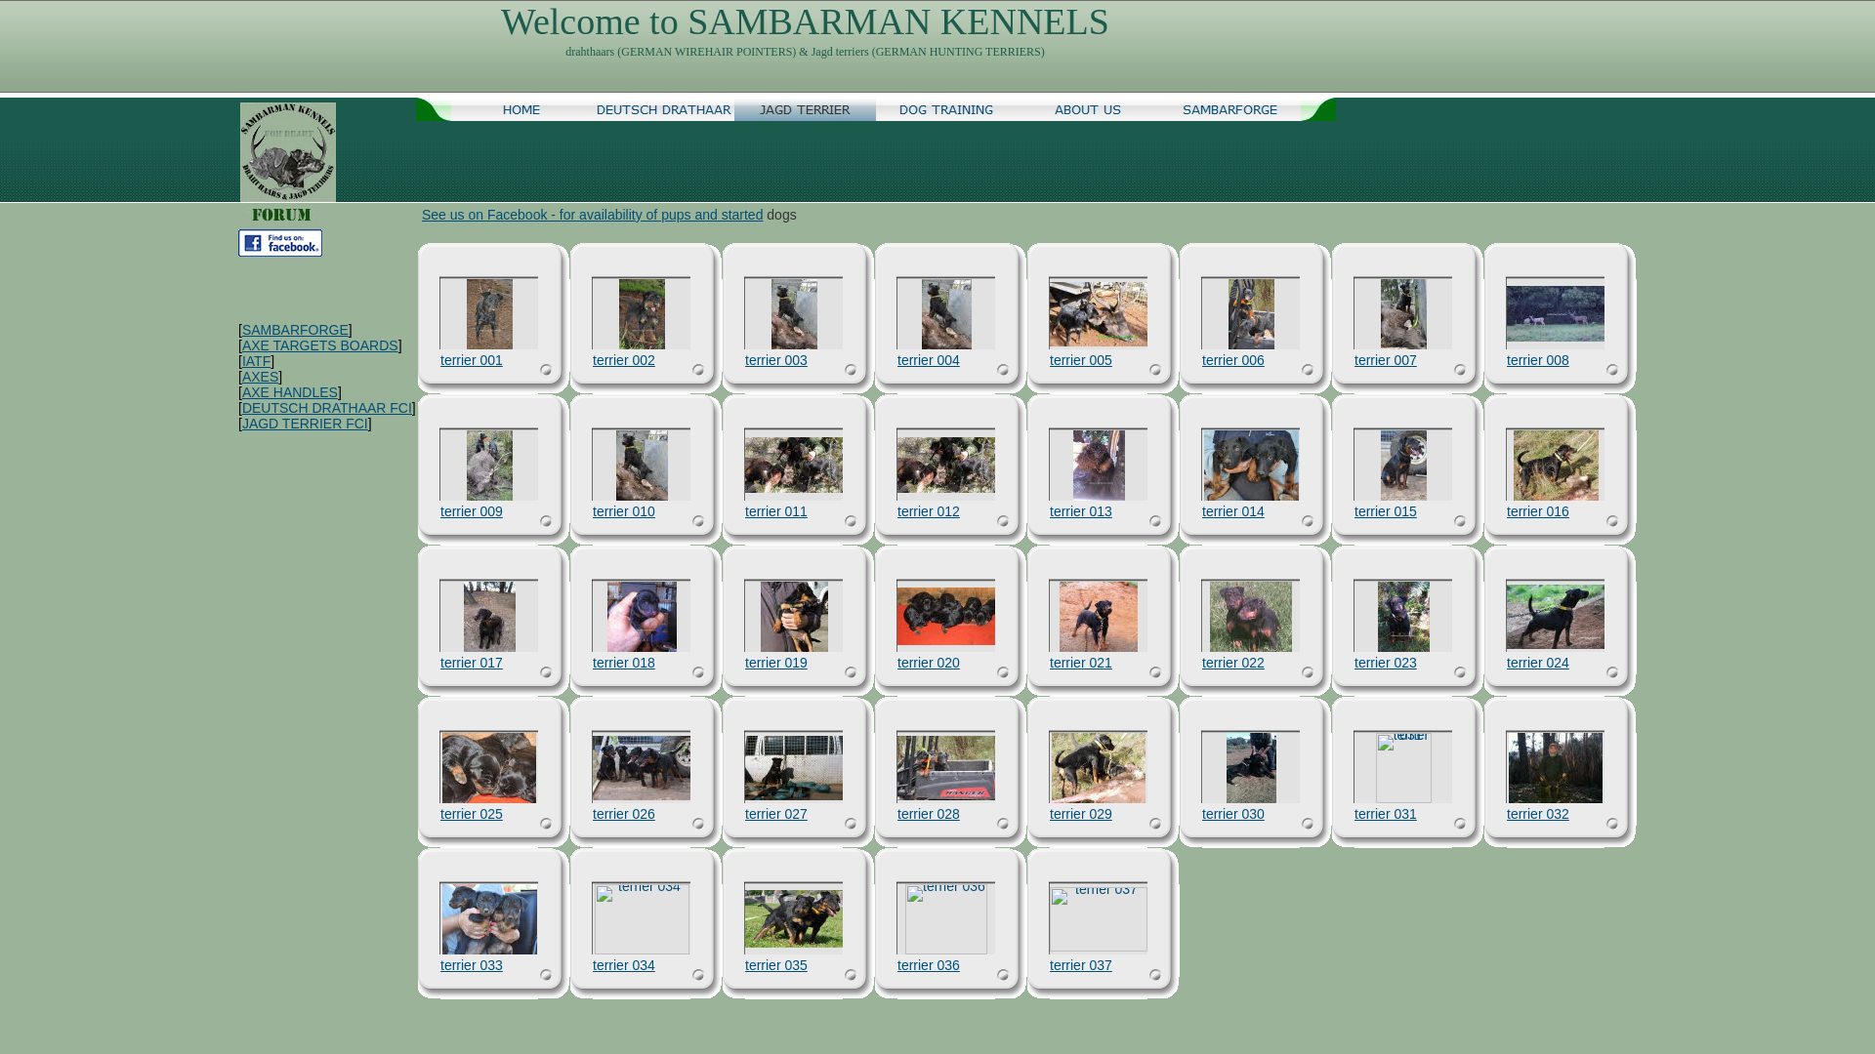 The image size is (1875, 1054). What do you see at coordinates (946, 312) in the screenshot?
I see `'terrier 004'` at bounding box center [946, 312].